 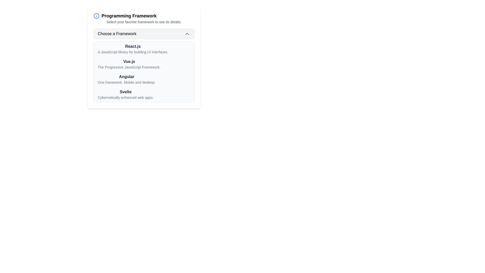 What do you see at coordinates (144, 18) in the screenshot?
I see `the Informational Header titled 'Programming Framework' which includes a description 'Select your favorite framework to see its details.'` at bounding box center [144, 18].